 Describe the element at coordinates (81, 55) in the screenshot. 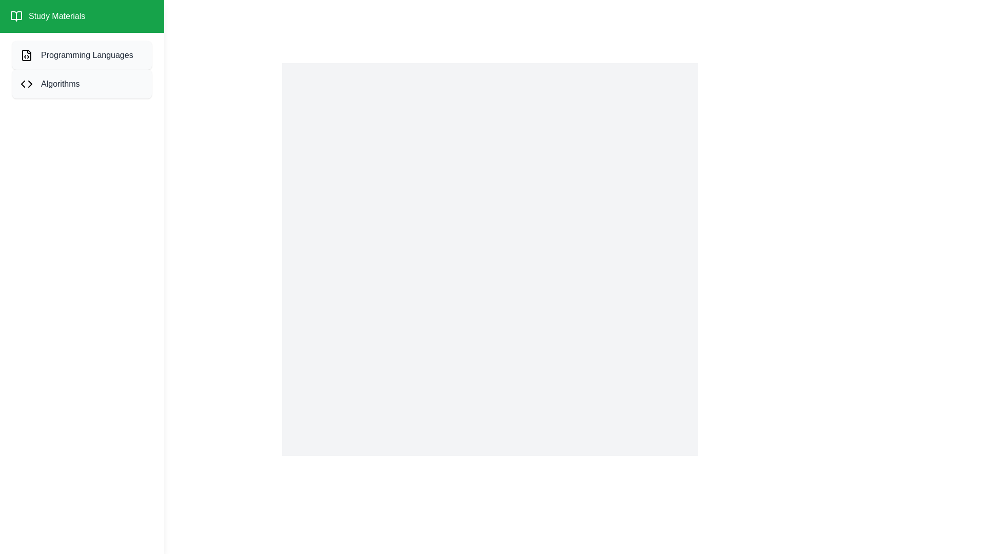

I see `the item Programming Languages from the list in the drawer` at that location.